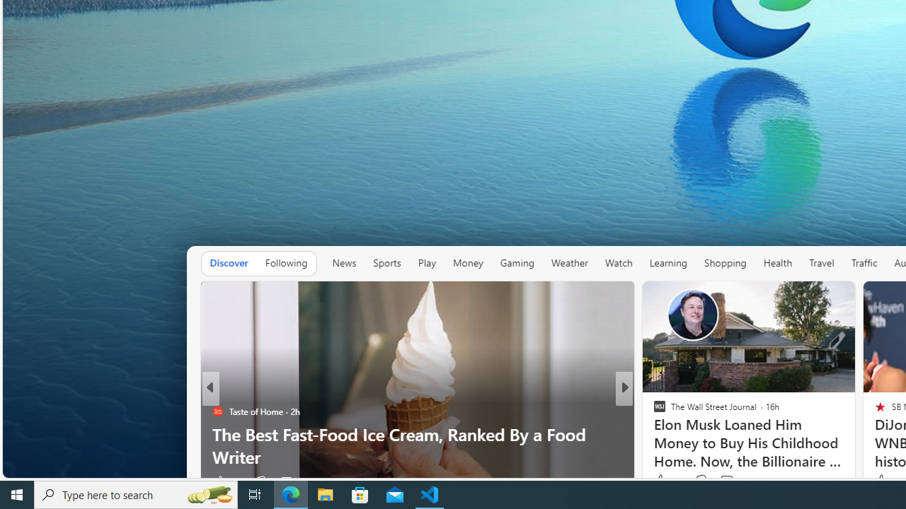 This screenshot has width=906, height=509. I want to click on 'View comments 247 Comment', so click(730, 481).